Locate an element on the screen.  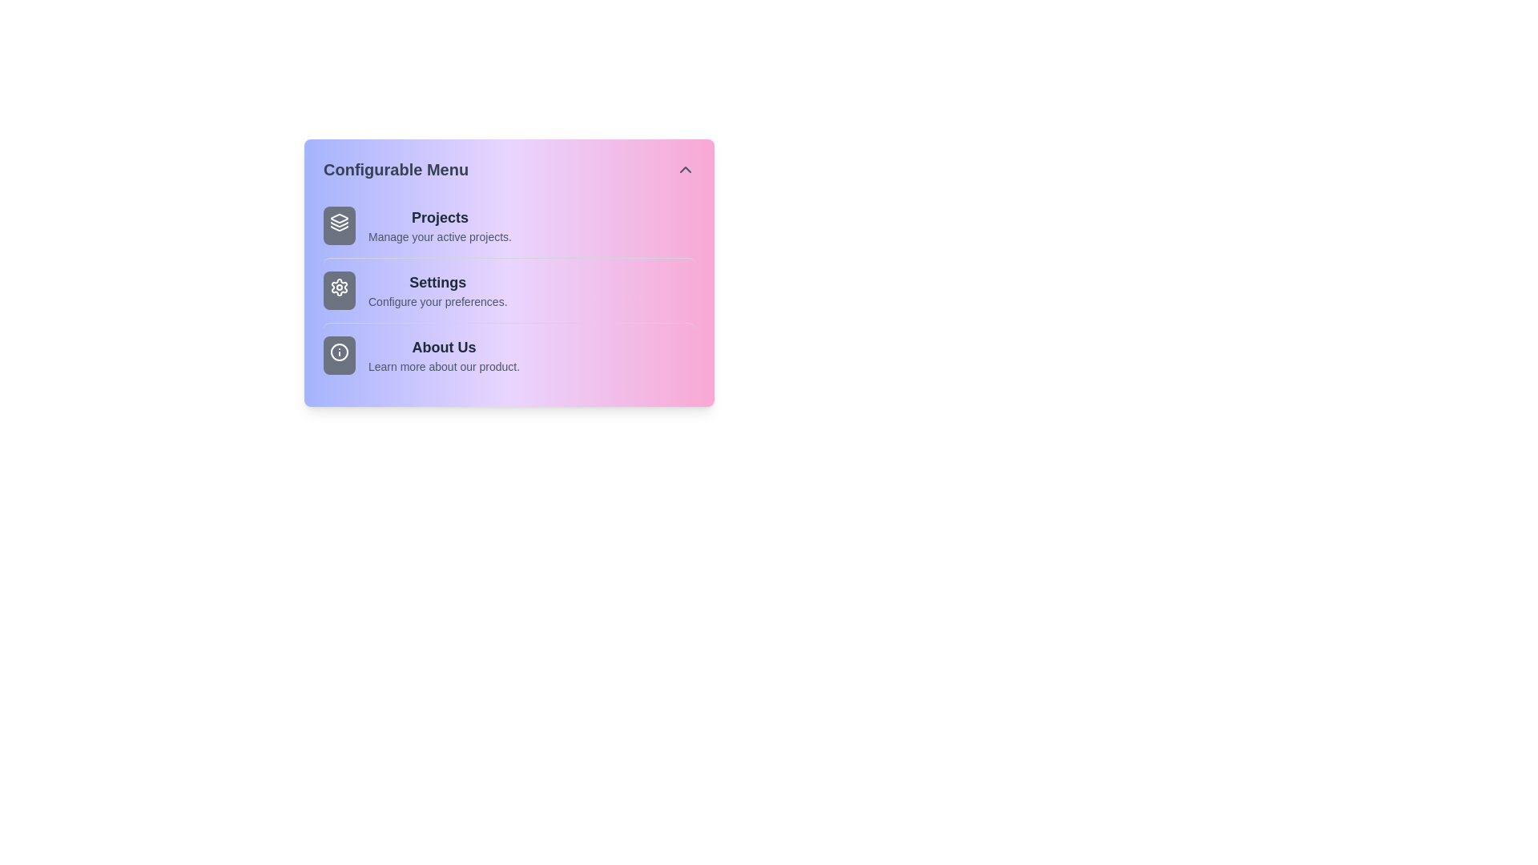
the menu item icon for Settings is located at coordinates (338, 290).